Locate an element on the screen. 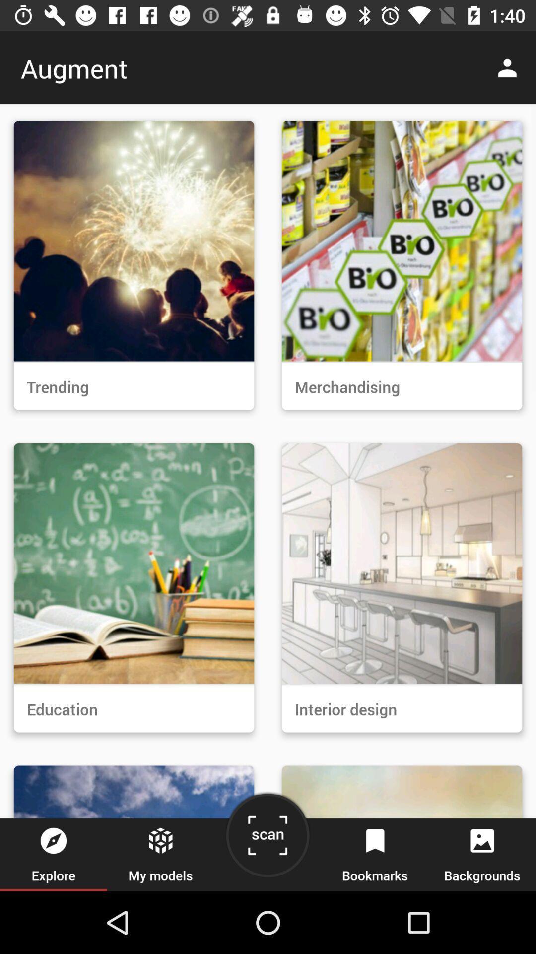 This screenshot has width=536, height=954. the icon to the left of the bookmarks item is located at coordinates (267, 839).